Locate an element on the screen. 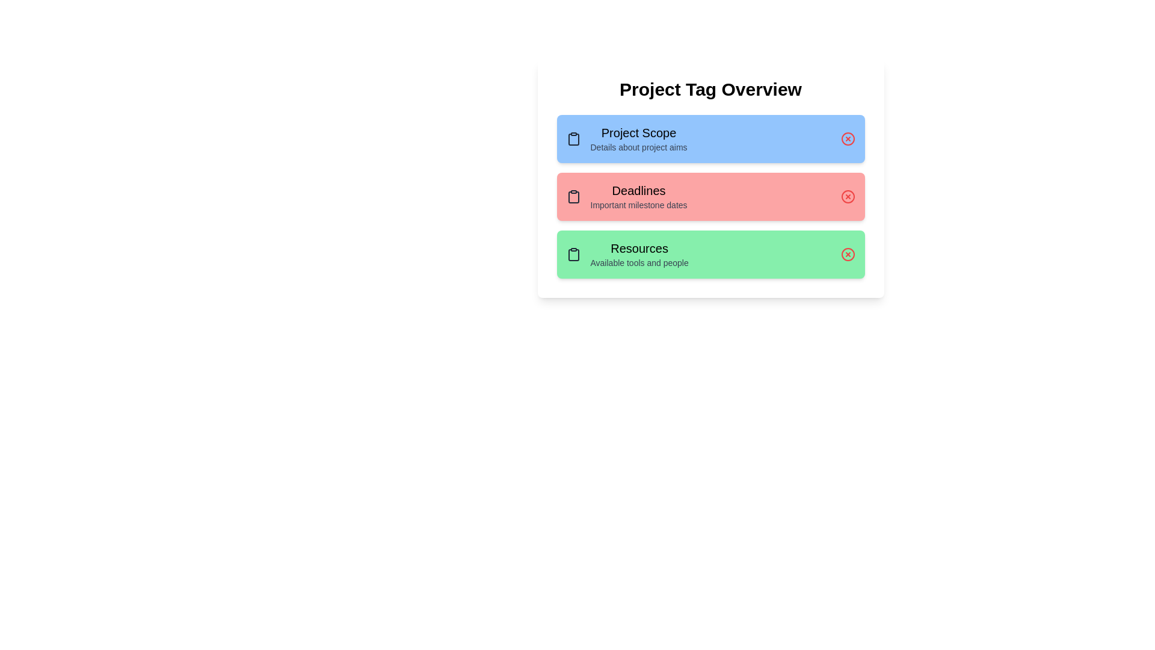 This screenshot has width=1155, height=650. the clipboard icon associated with the tag Resources is located at coordinates (573, 254).